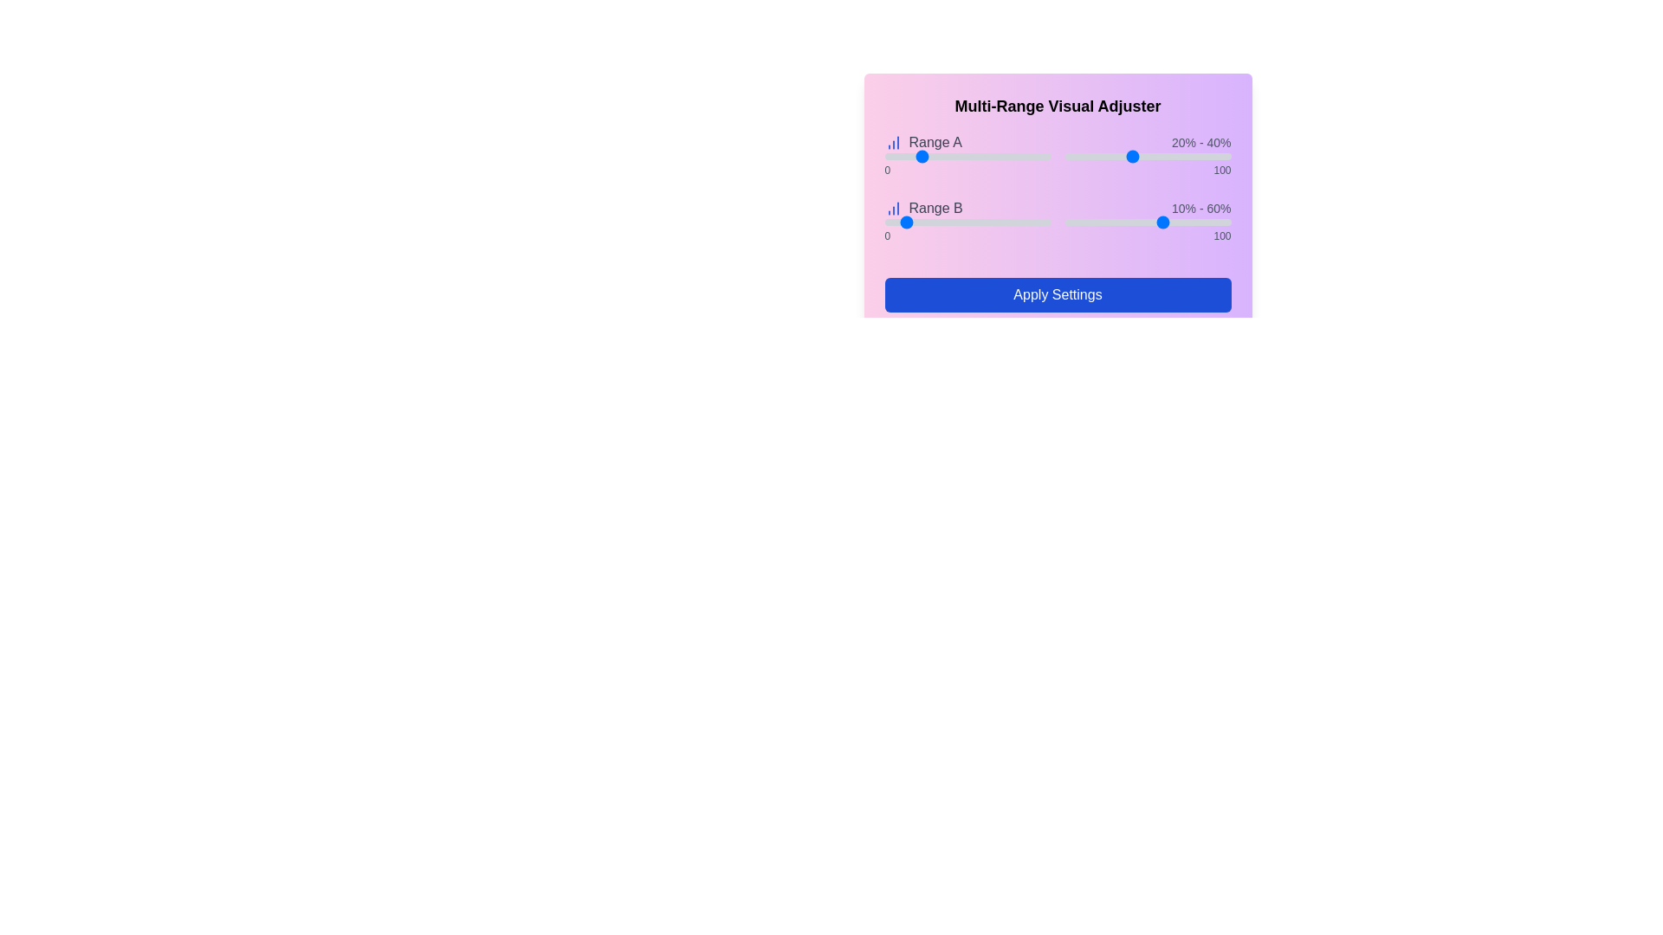 The height and width of the screenshot is (935, 1663). Describe the element at coordinates (1219, 222) in the screenshot. I see `the Range B slider` at that location.